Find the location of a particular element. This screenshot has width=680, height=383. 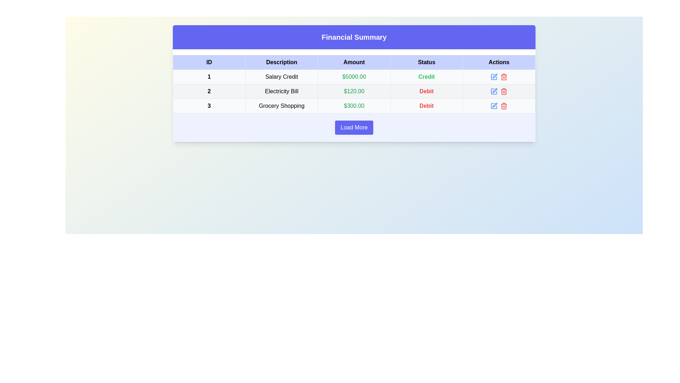

the edit button located in the 'Actions' column of the last row of the table is located at coordinates (494, 106).